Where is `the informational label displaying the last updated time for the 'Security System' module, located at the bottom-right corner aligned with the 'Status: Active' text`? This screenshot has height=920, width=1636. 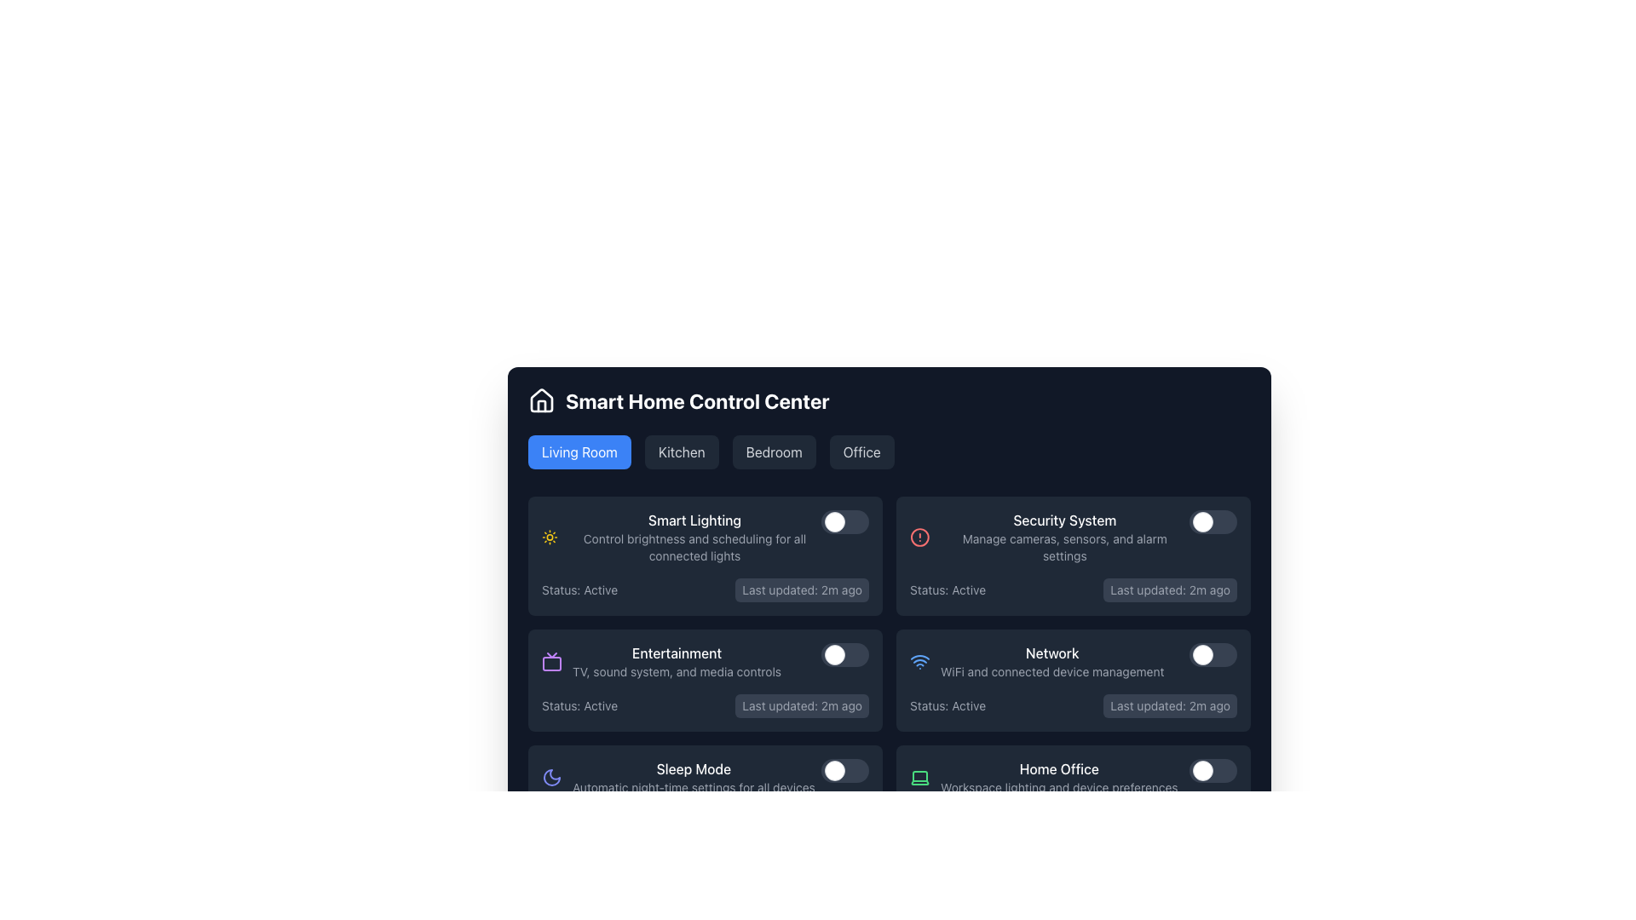
the informational label displaying the last updated time for the 'Security System' module, located at the bottom-right corner aligned with the 'Status: Active' text is located at coordinates (1169, 589).